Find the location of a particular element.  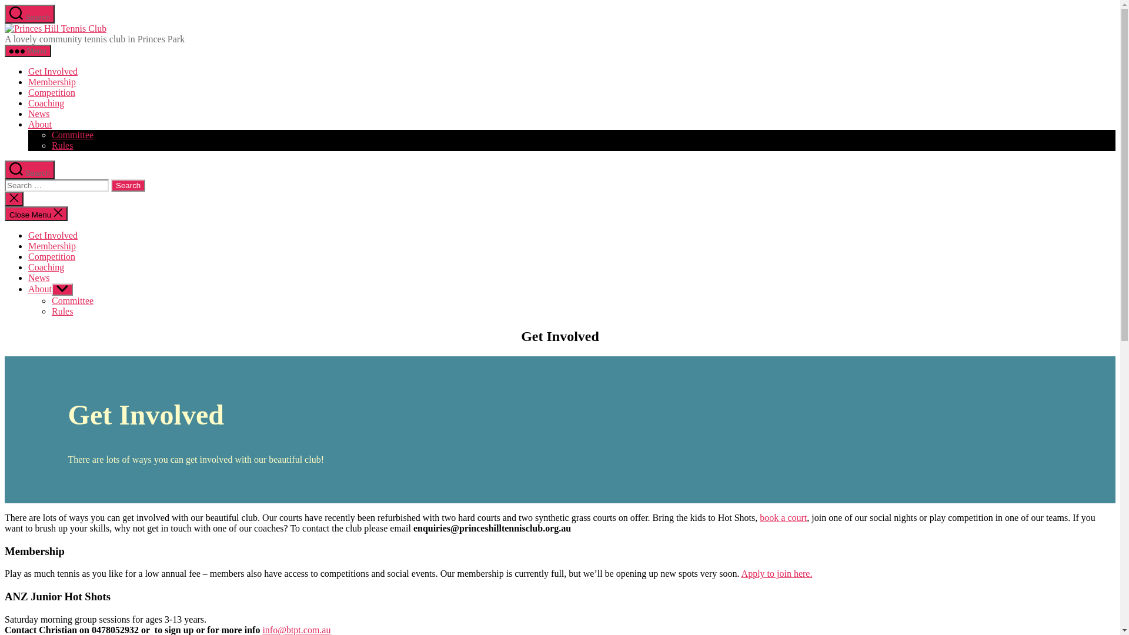

'Close Menu' is located at coordinates (36, 213).